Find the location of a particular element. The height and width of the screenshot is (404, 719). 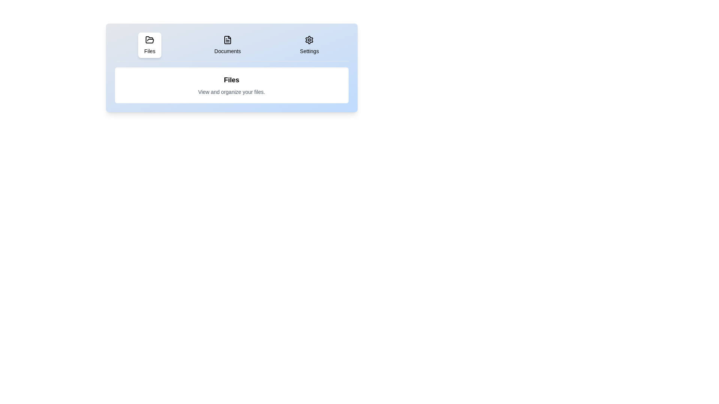

the Files tab by clicking the corresponding tab button is located at coordinates (149, 45).